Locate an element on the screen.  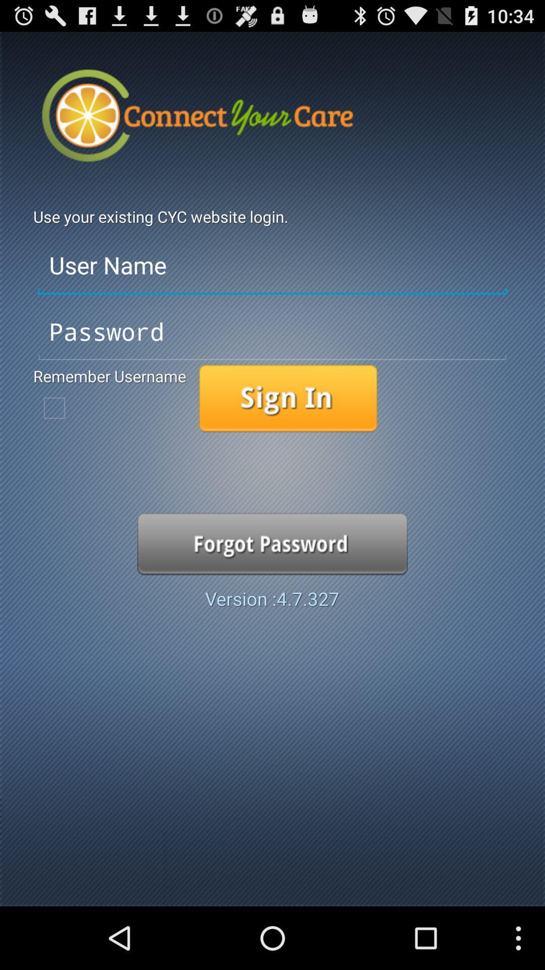
item next to the remember username item is located at coordinates (288, 398).